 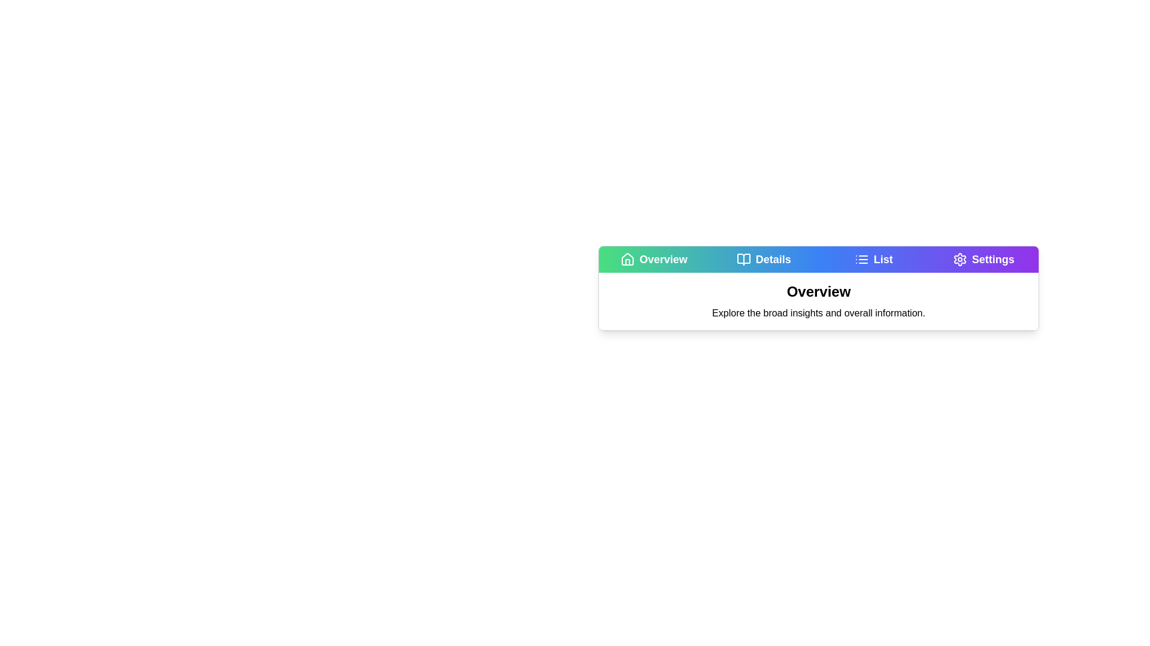 What do you see at coordinates (627, 258) in the screenshot?
I see `the 'Overview' icon located` at bounding box center [627, 258].